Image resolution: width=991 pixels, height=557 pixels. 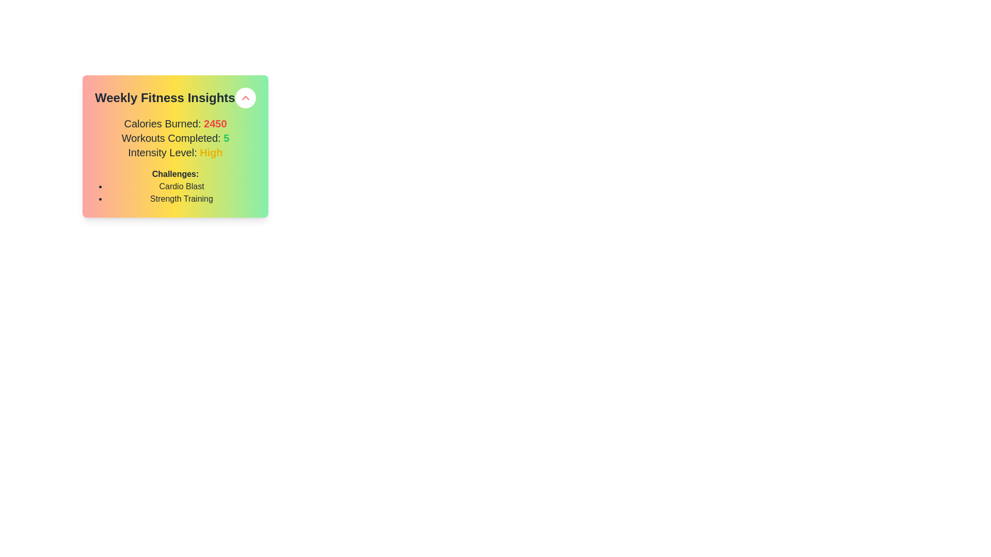 I want to click on the bolded text heading element labeled 'Challenges:' which is prominently displayed in black font against a gradient background, located centrally below the textual statistics and directly above a bulleted list, so click(x=175, y=174).